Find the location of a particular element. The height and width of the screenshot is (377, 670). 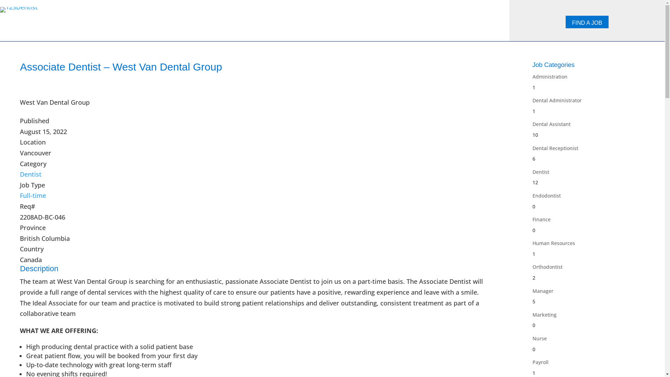

'Dental Assistant' is located at coordinates (551, 124).